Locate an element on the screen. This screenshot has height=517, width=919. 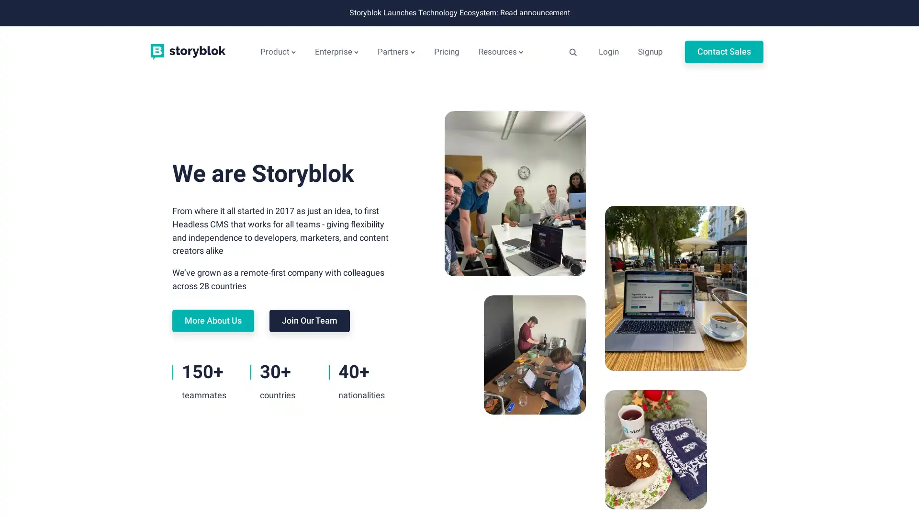
Product is located at coordinates (277, 52).